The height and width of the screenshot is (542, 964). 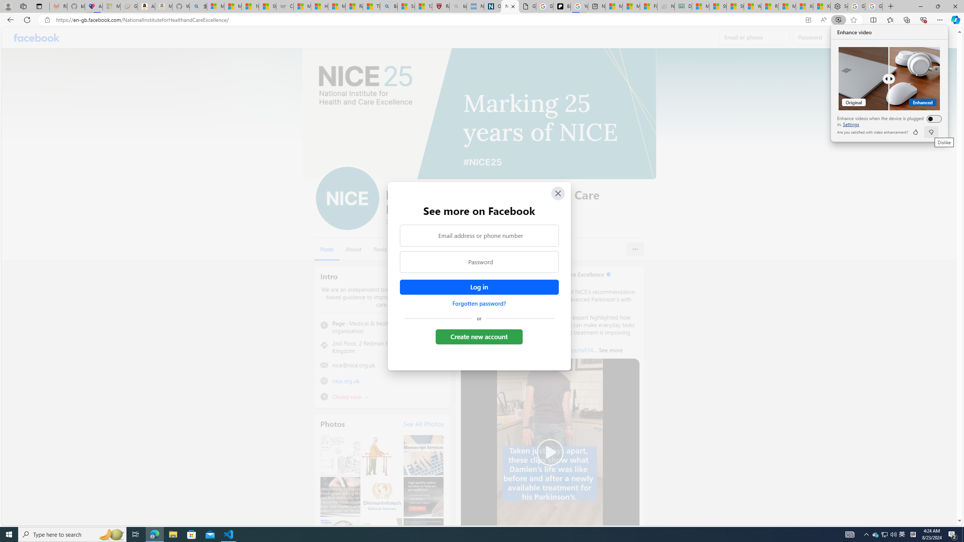 I want to click on 'FOX News - MSN', so click(x=648, y=6).